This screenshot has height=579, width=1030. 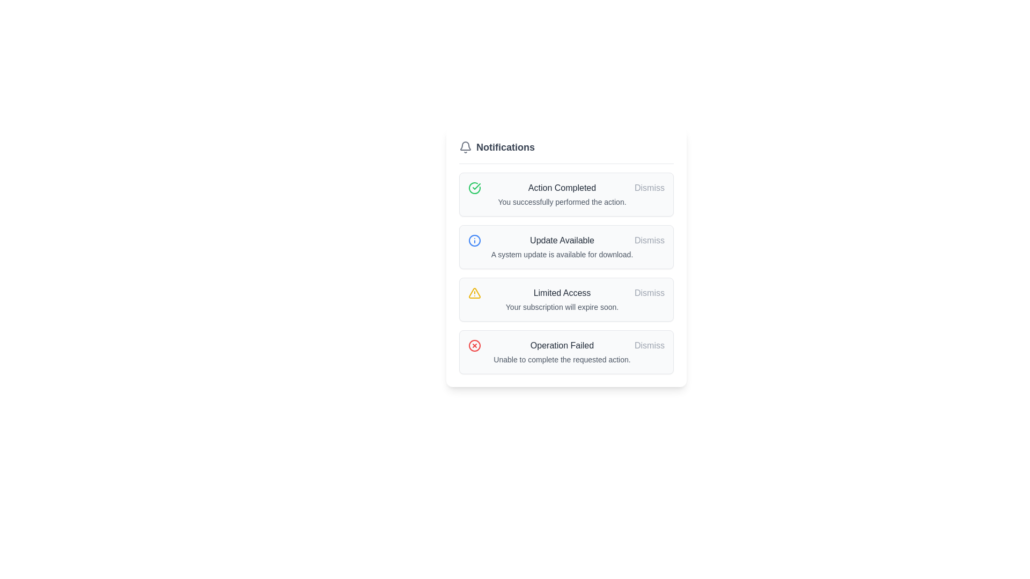 I want to click on the 'Limited Access' text element located in the third notification card of the notification panel, positioned at the top-center of the card, so click(x=561, y=293).